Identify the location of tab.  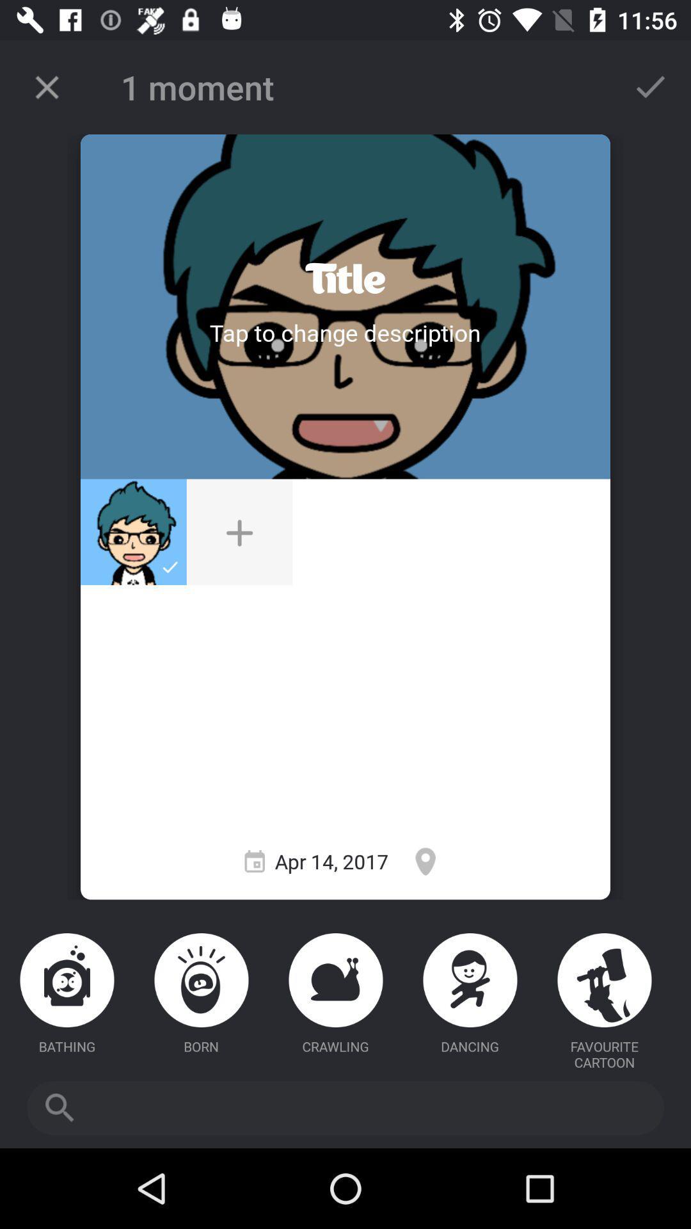
(46, 86).